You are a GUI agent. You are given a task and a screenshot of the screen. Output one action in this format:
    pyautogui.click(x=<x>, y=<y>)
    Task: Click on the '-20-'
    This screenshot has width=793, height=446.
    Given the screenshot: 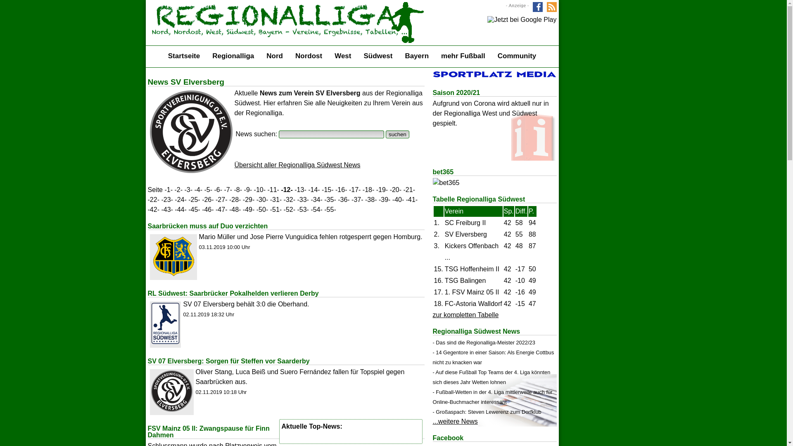 What is the action you would take?
    pyautogui.click(x=389, y=190)
    